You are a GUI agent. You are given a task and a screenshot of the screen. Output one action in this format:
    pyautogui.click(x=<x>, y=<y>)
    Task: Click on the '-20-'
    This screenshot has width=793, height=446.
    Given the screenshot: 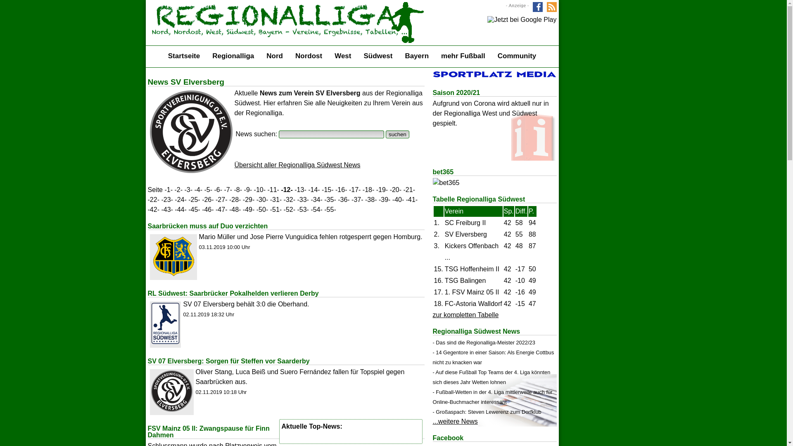 What is the action you would take?
    pyautogui.click(x=389, y=190)
    